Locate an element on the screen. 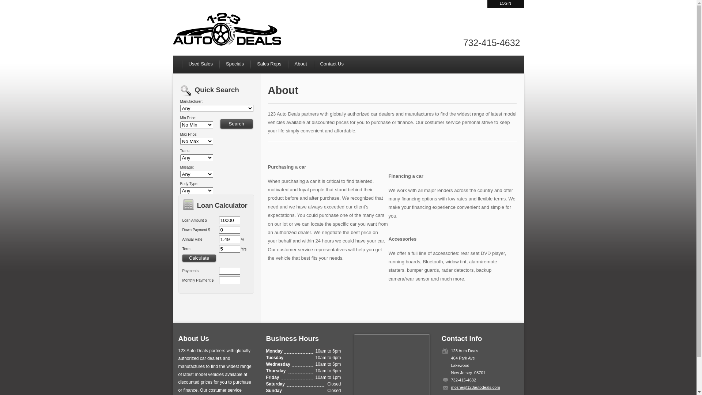 The width and height of the screenshot is (702, 395). 'Contact Us' is located at coordinates (335, 63).